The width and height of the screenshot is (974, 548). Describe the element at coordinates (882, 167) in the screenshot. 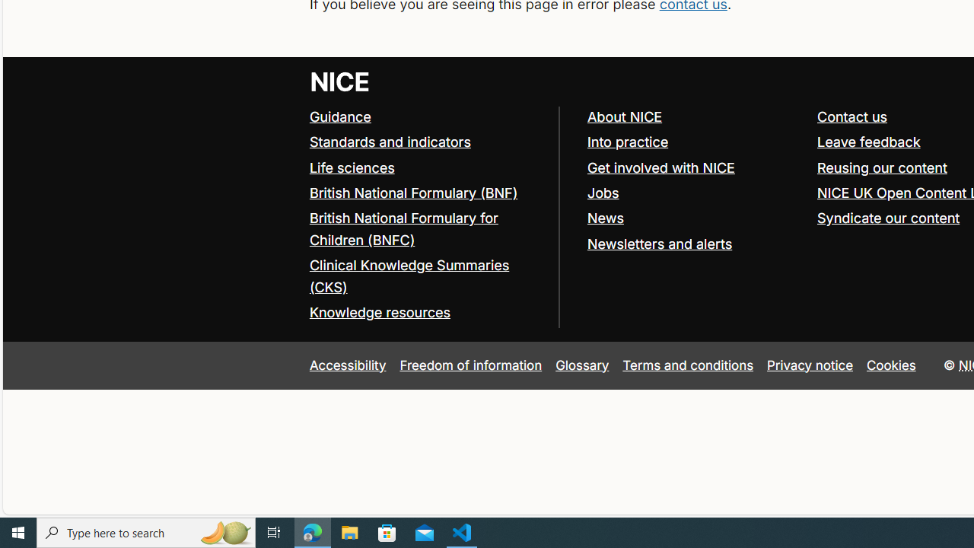

I see `'Reusing our content'` at that location.